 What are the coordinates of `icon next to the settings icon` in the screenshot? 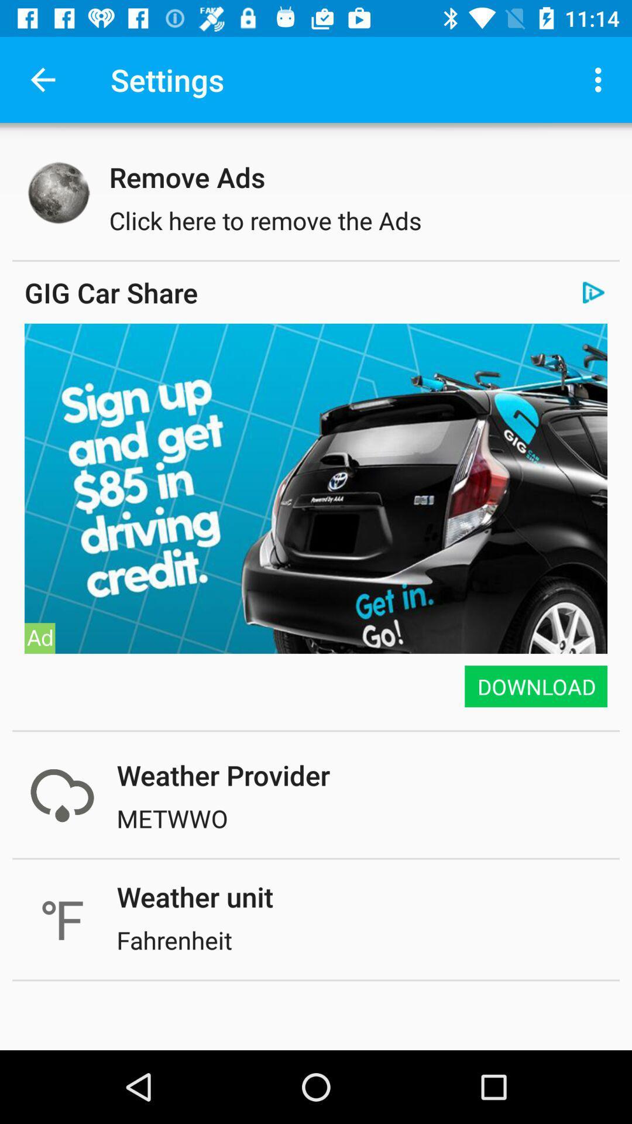 It's located at (601, 79).